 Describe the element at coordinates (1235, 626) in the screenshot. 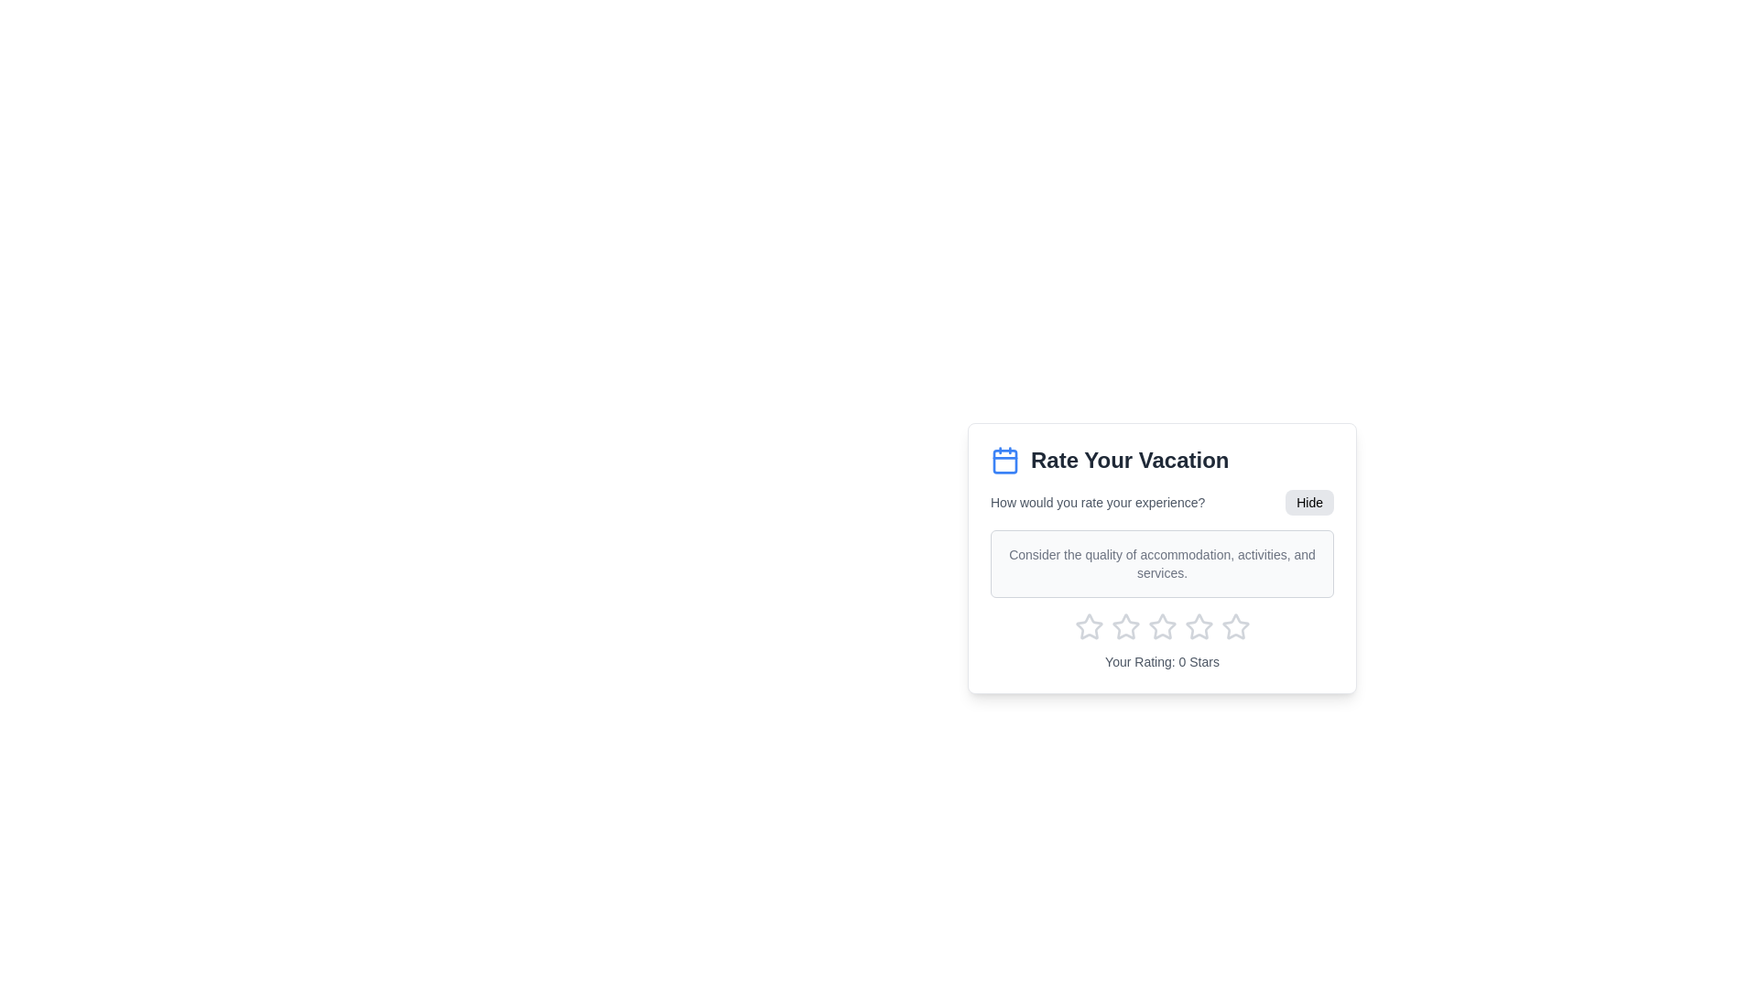

I see `the fifth star in the rating system` at that location.